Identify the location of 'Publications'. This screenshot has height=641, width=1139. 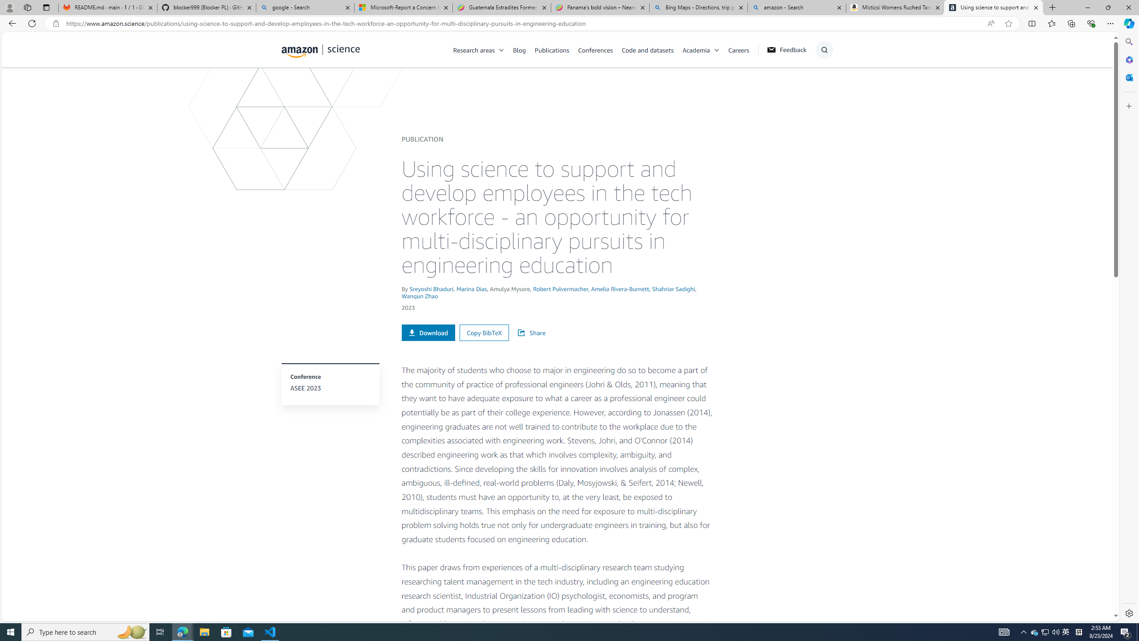
(556, 49).